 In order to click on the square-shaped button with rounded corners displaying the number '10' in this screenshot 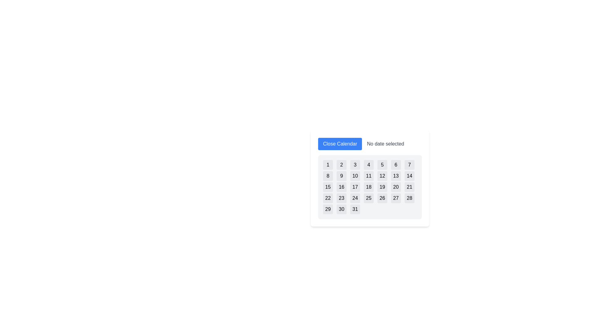, I will do `click(355, 176)`.